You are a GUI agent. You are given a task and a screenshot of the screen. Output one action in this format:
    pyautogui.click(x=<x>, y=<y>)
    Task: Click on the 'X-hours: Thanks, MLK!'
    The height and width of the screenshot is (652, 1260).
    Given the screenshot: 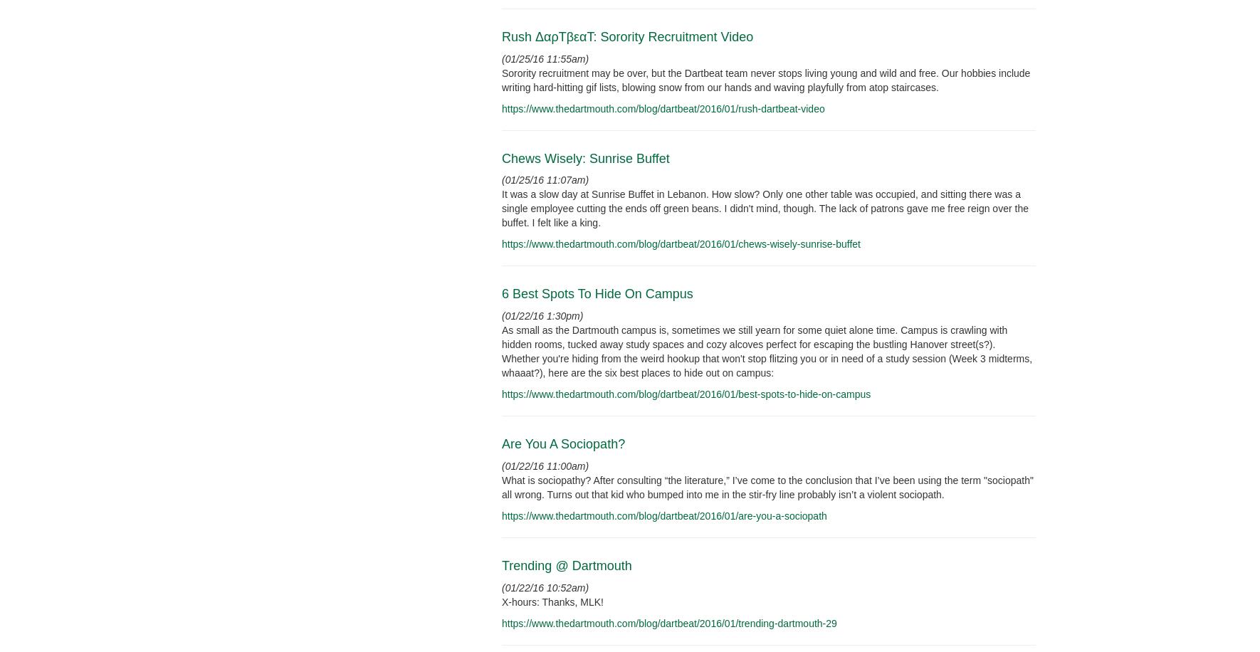 What is the action you would take?
    pyautogui.click(x=552, y=601)
    